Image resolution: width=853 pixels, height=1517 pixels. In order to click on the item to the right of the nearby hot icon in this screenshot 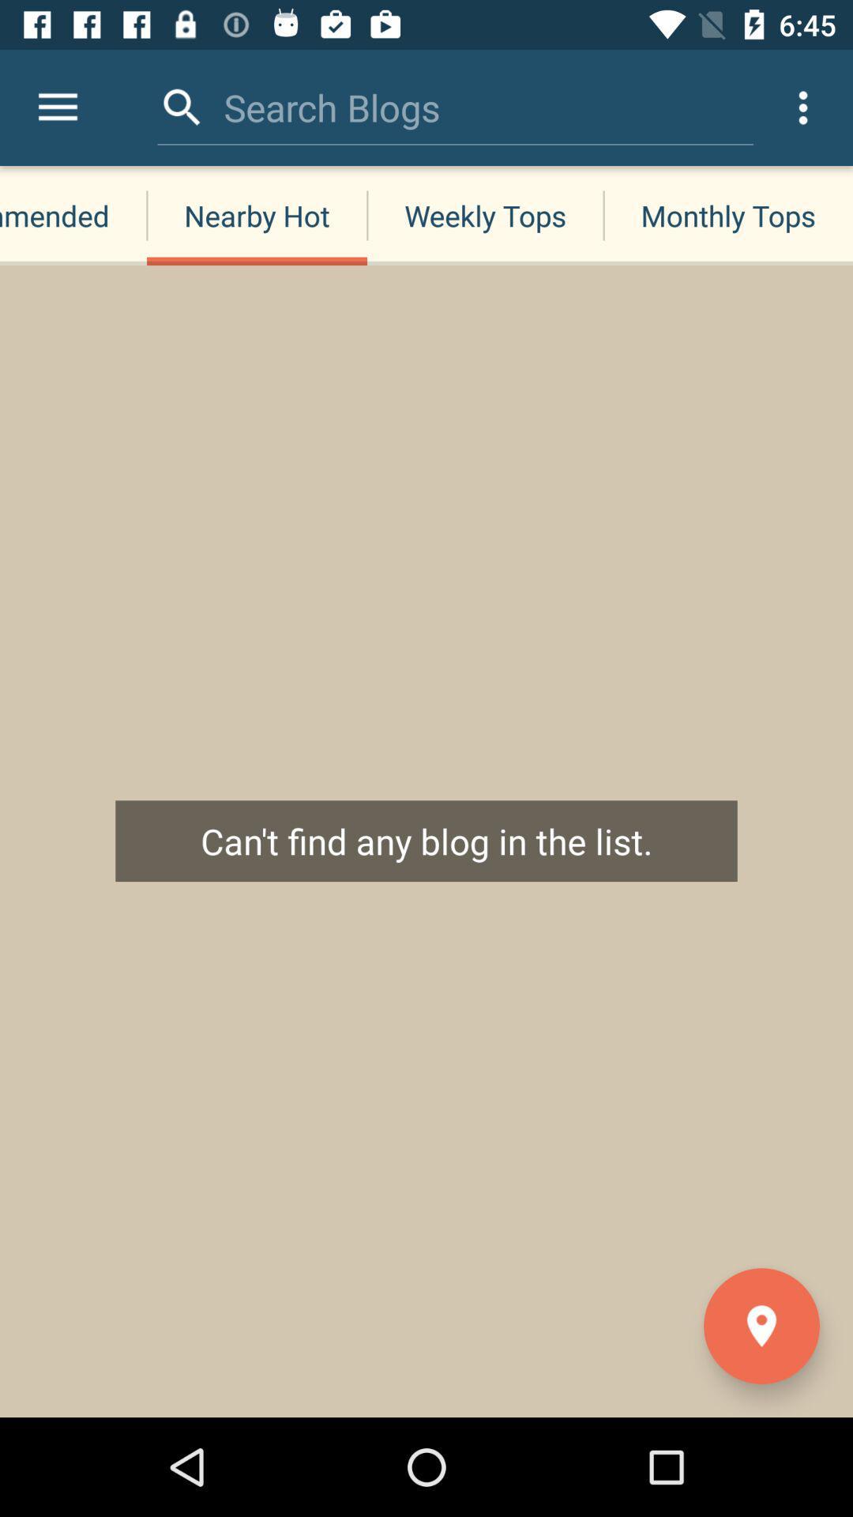, I will do `click(484, 215)`.